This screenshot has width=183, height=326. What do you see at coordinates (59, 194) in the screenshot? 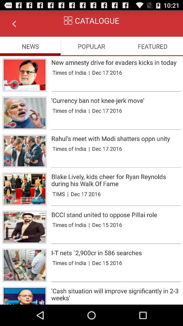
I see `the tims app` at bounding box center [59, 194].